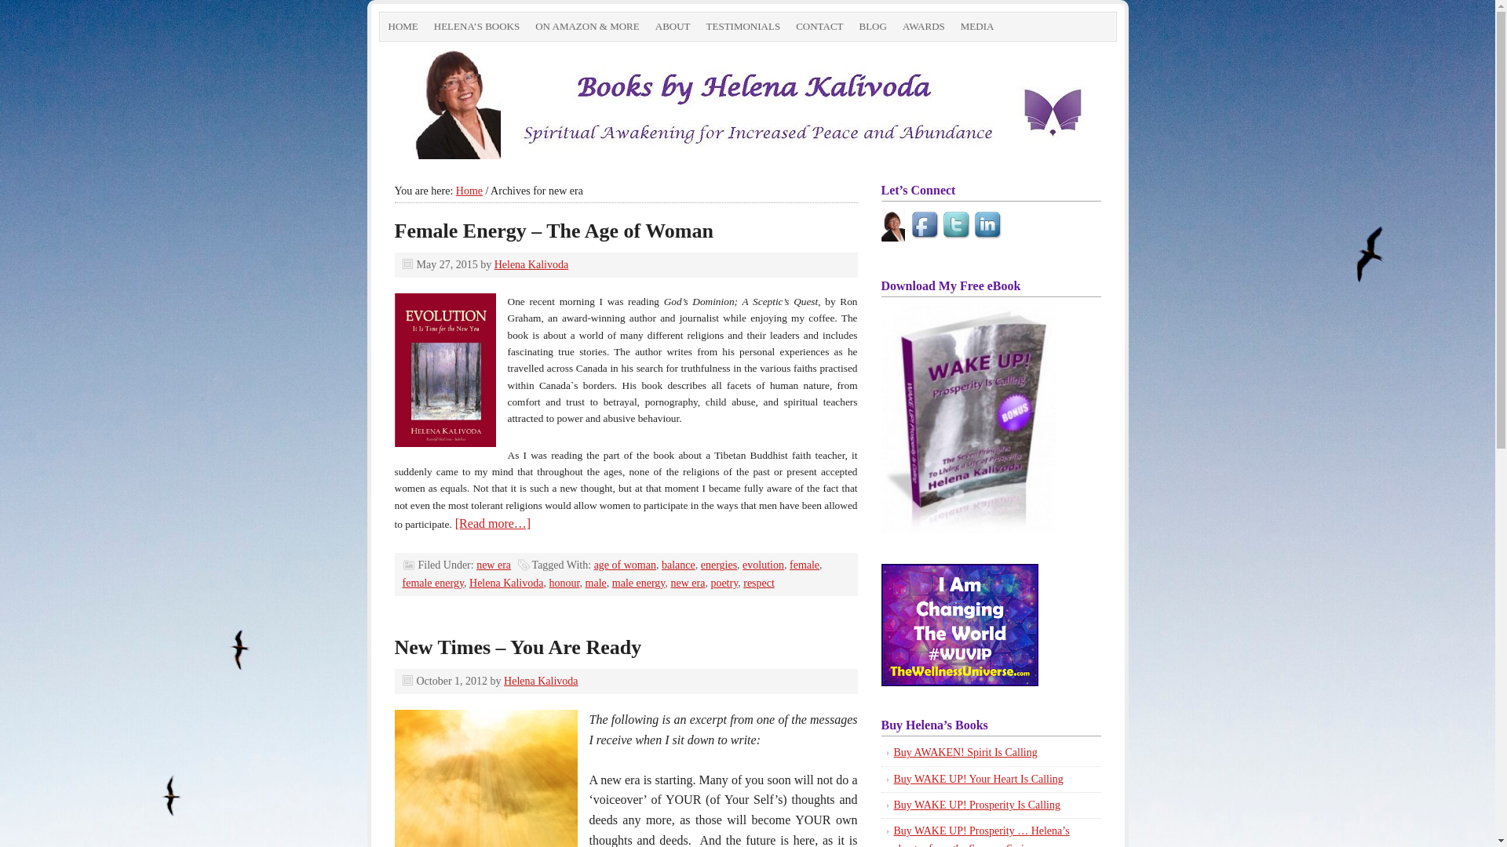 The image size is (1507, 847). I want to click on 'TESTIMONIALS', so click(743, 27).